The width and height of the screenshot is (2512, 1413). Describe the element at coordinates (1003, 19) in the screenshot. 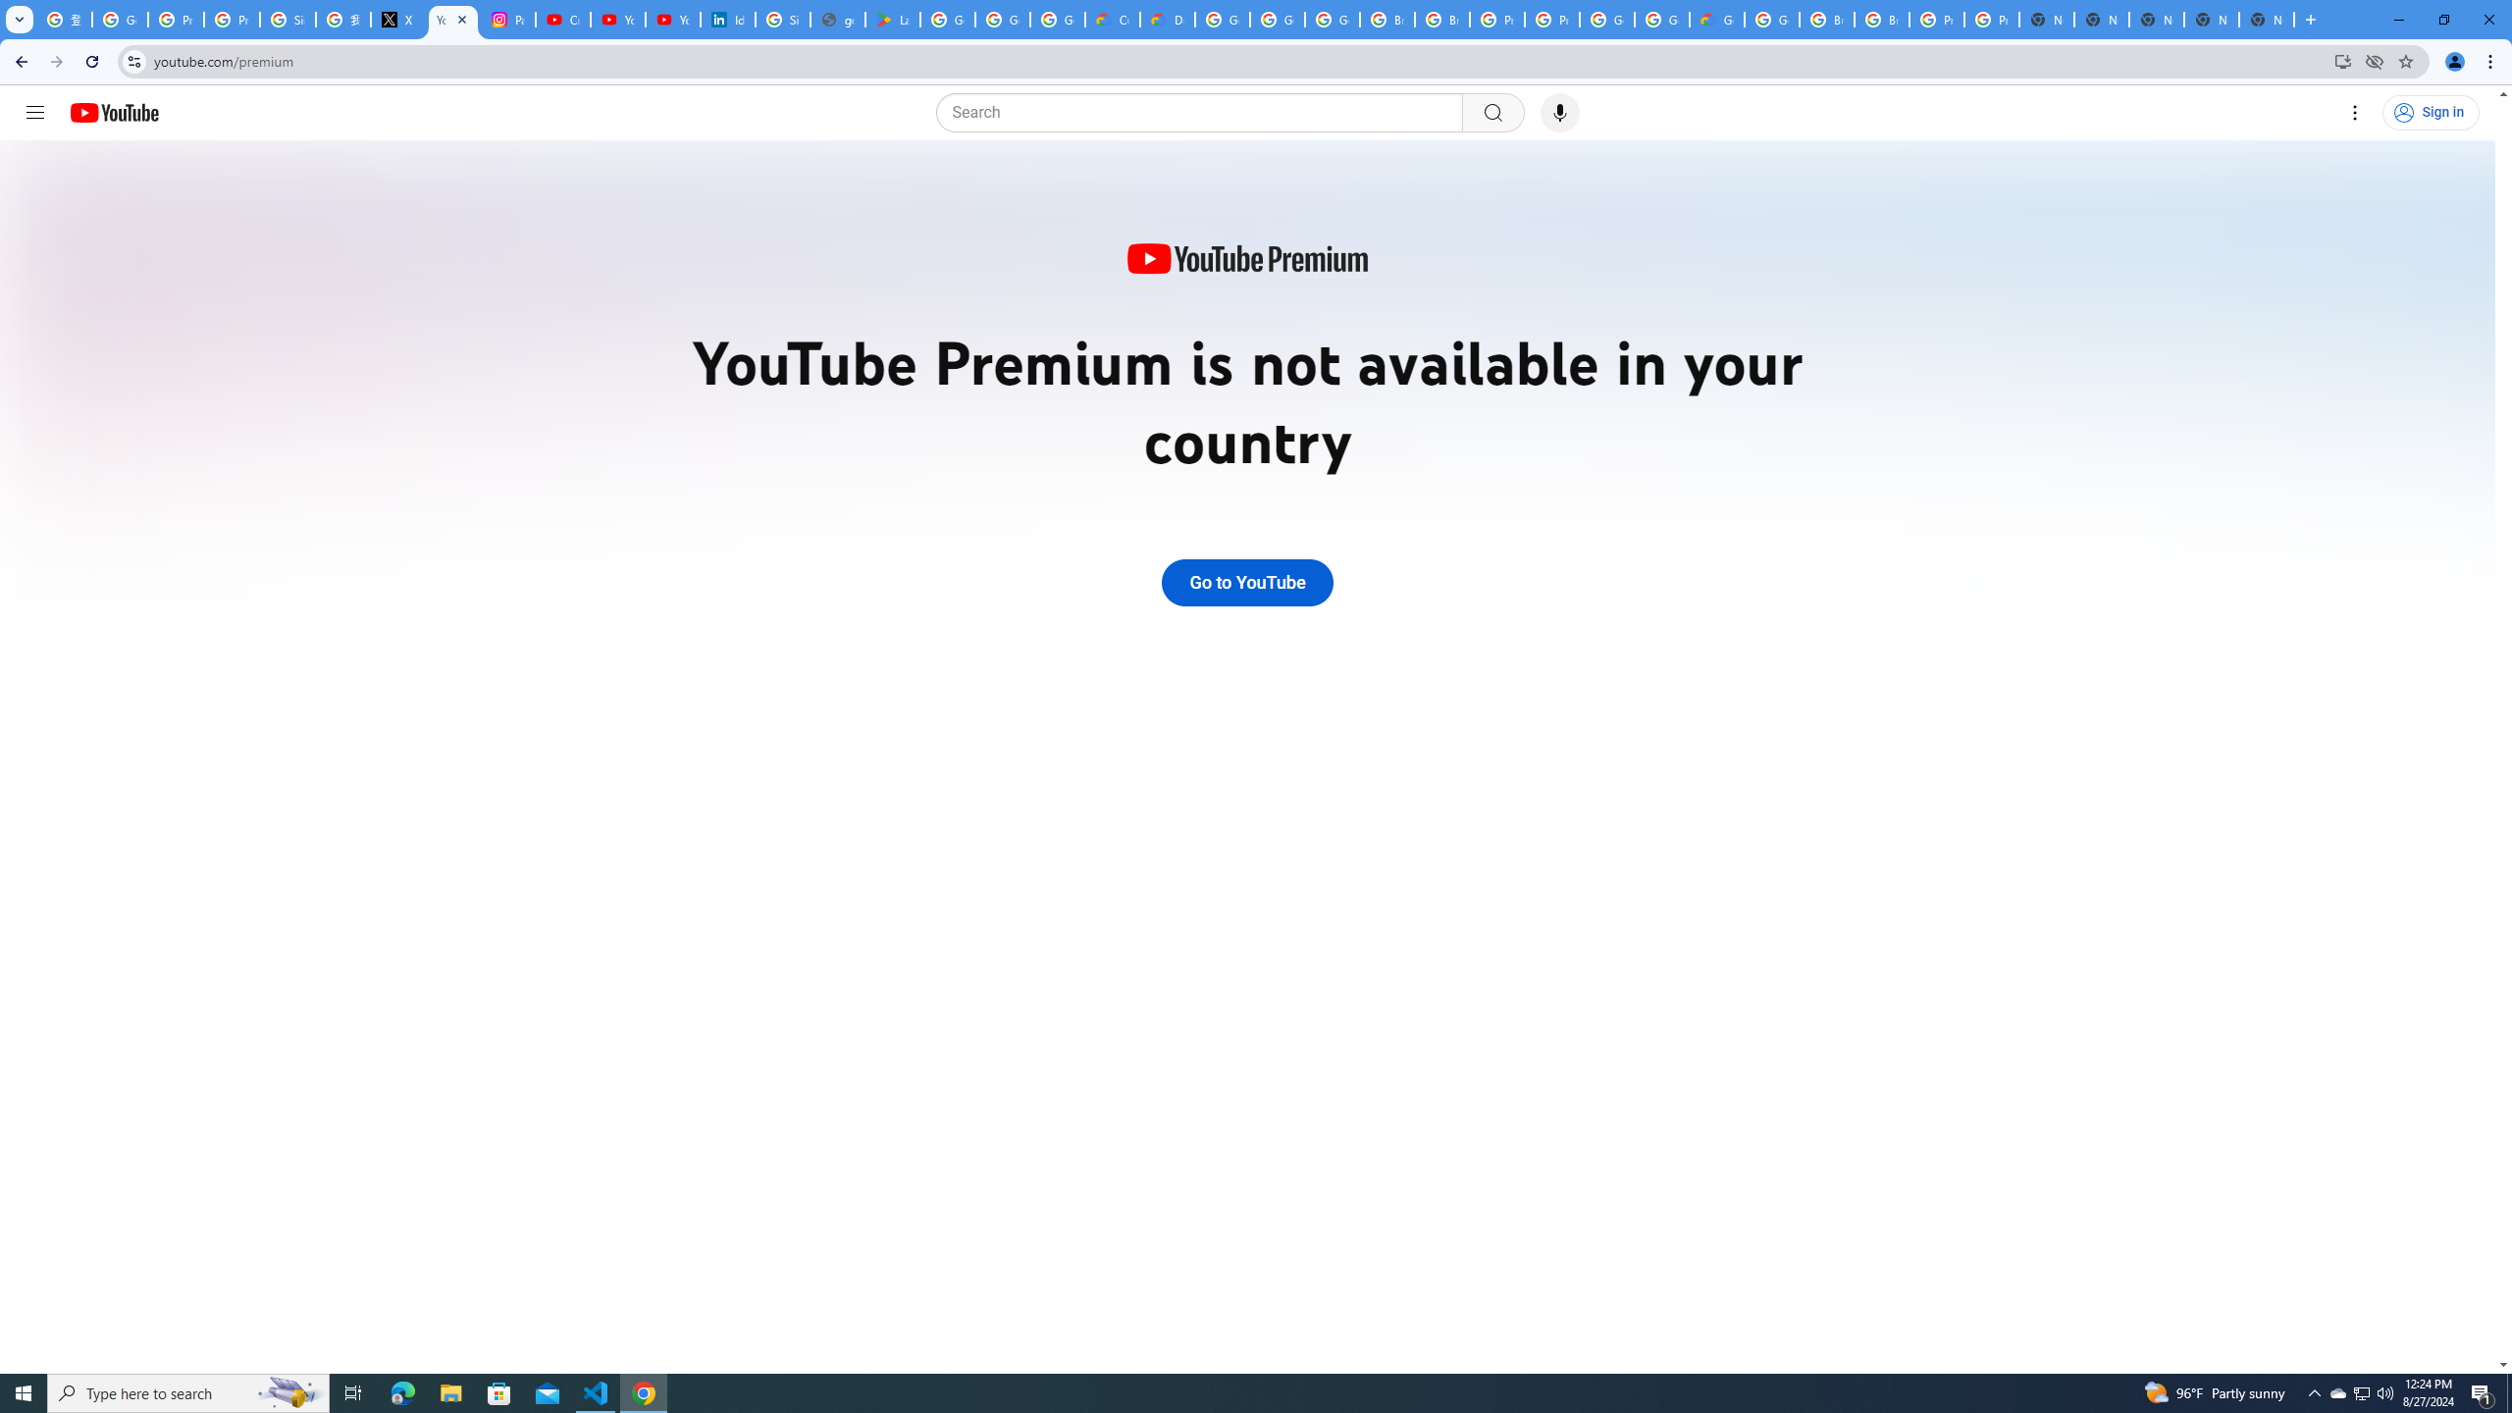

I see `'Google Workspace - Specific Terms'` at that location.